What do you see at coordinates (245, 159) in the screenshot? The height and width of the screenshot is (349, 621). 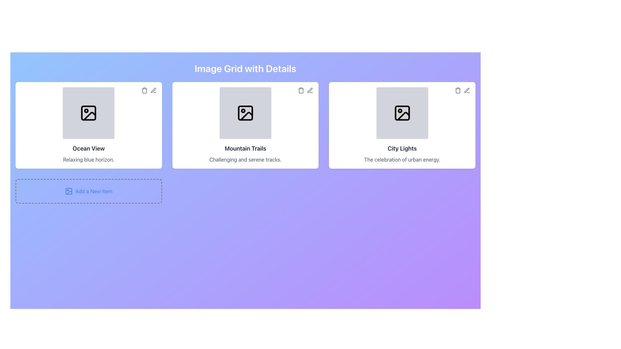 I see `the descriptive subtitle for the 'Mountain Trails' section located below the title within the second card of a three-card layout` at bounding box center [245, 159].